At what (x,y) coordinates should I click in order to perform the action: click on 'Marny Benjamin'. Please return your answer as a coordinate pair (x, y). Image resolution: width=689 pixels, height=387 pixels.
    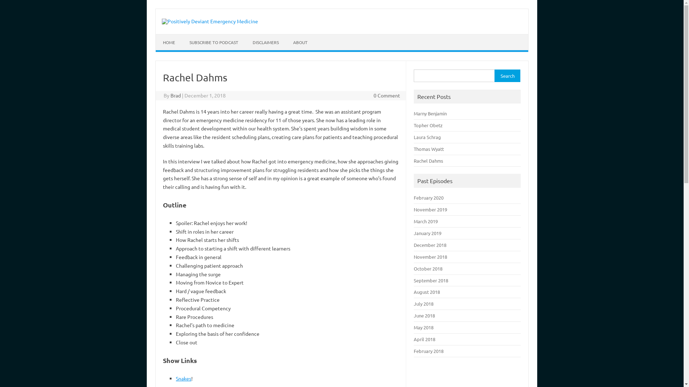
    Looking at the image, I should click on (430, 113).